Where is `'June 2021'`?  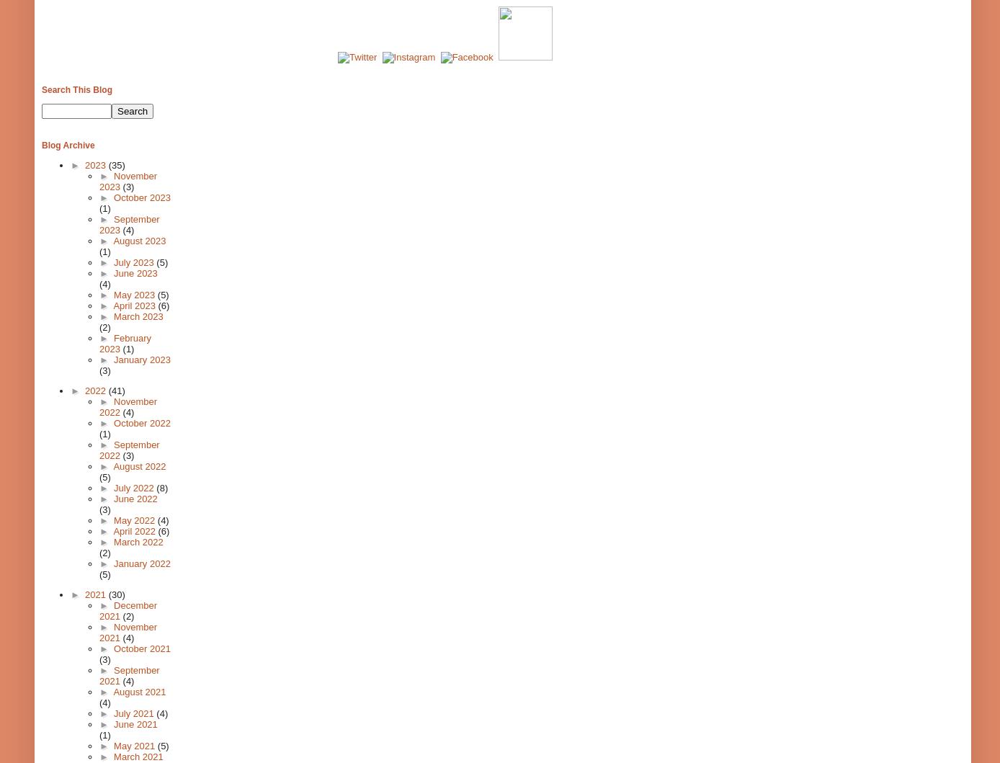 'June 2021' is located at coordinates (134, 723).